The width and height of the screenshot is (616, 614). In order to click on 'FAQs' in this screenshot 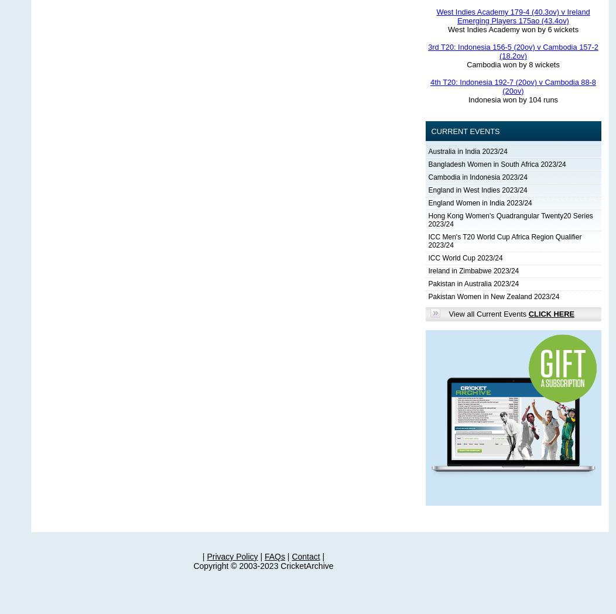, I will do `click(274, 557)`.